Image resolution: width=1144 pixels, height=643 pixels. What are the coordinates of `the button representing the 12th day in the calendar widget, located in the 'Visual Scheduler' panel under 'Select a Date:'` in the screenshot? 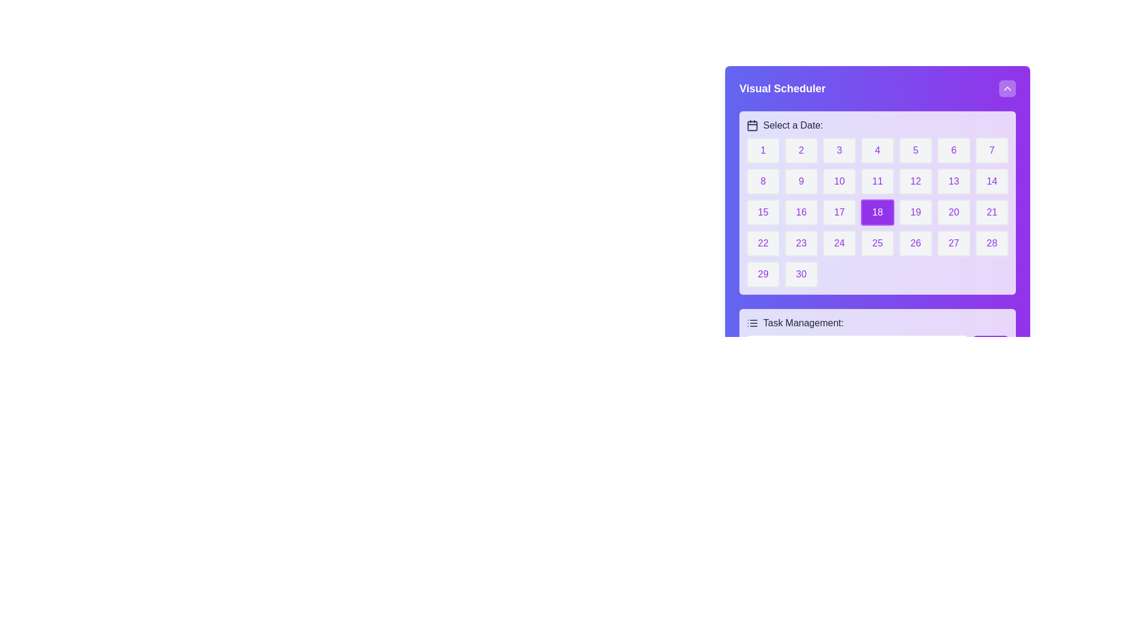 It's located at (915, 181).